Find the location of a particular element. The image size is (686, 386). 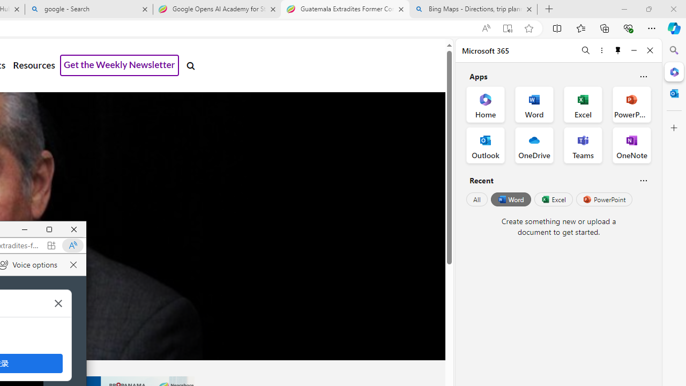

'Excel Office App' is located at coordinates (583, 105).